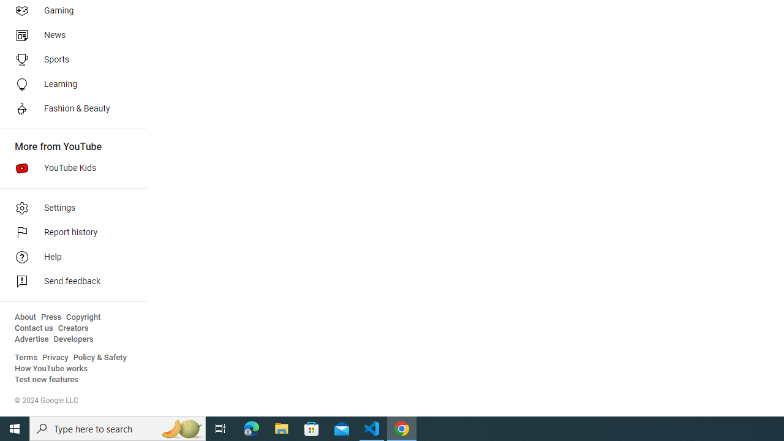 The width and height of the screenshot is (784, 441). Describe the element at coordinates (72, 328) in the screenshot. I see `'Creators'` at that location.